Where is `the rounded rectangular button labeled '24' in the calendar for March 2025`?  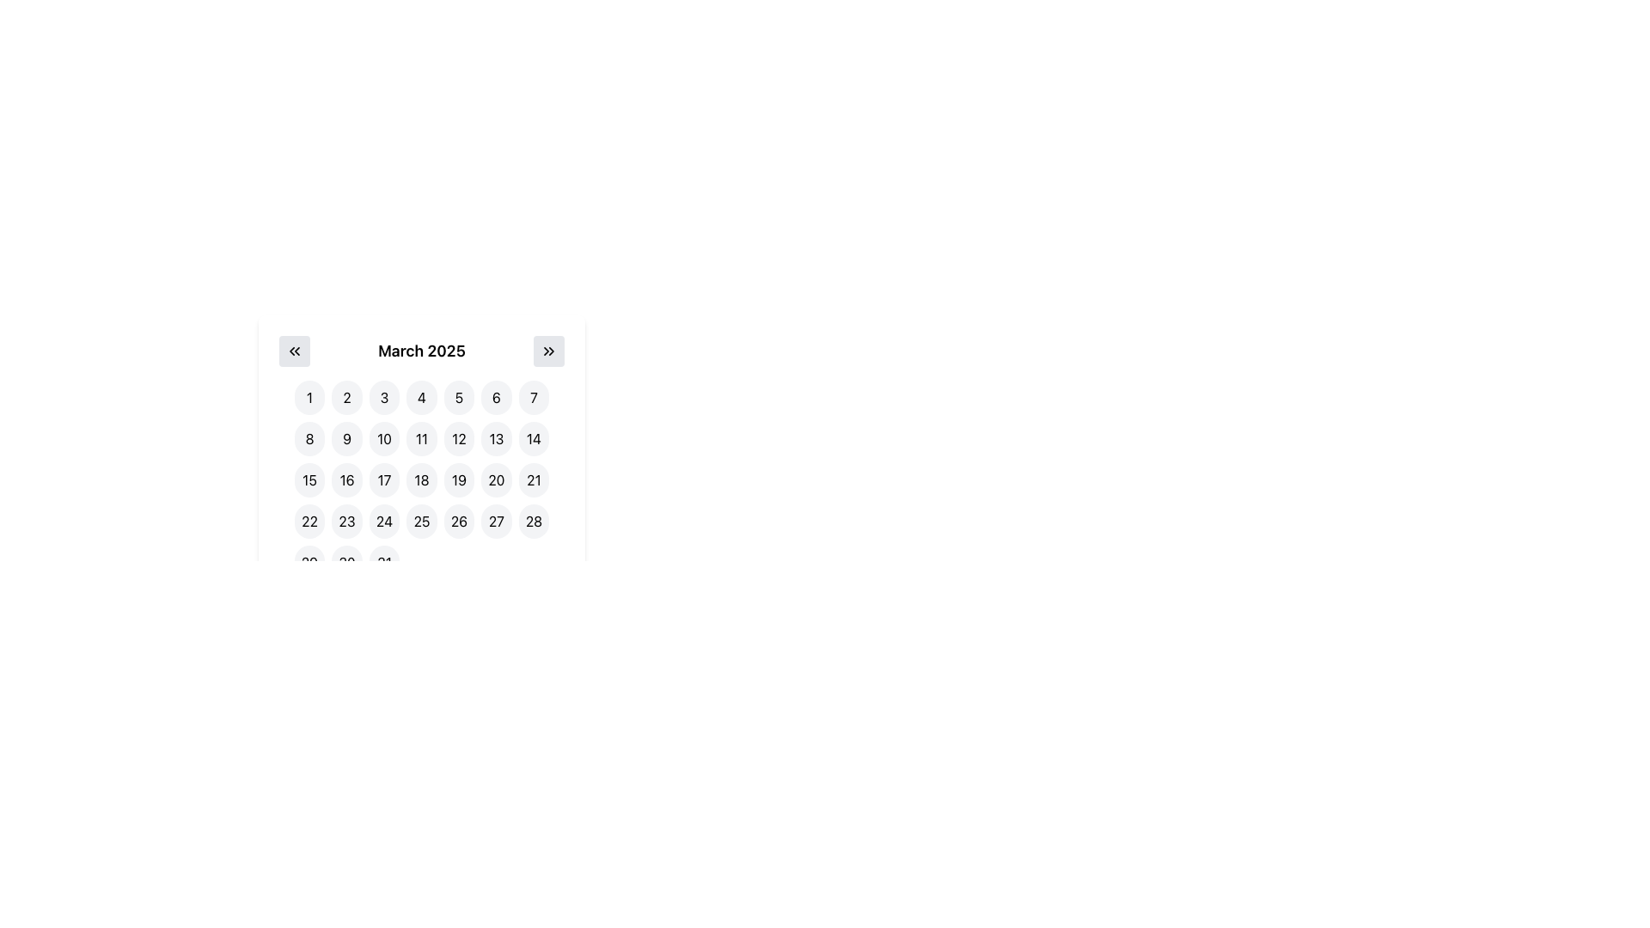
the rounded rectangular button labeled '24' in the calendar for March 2025 is located at coordinates (383, 520).